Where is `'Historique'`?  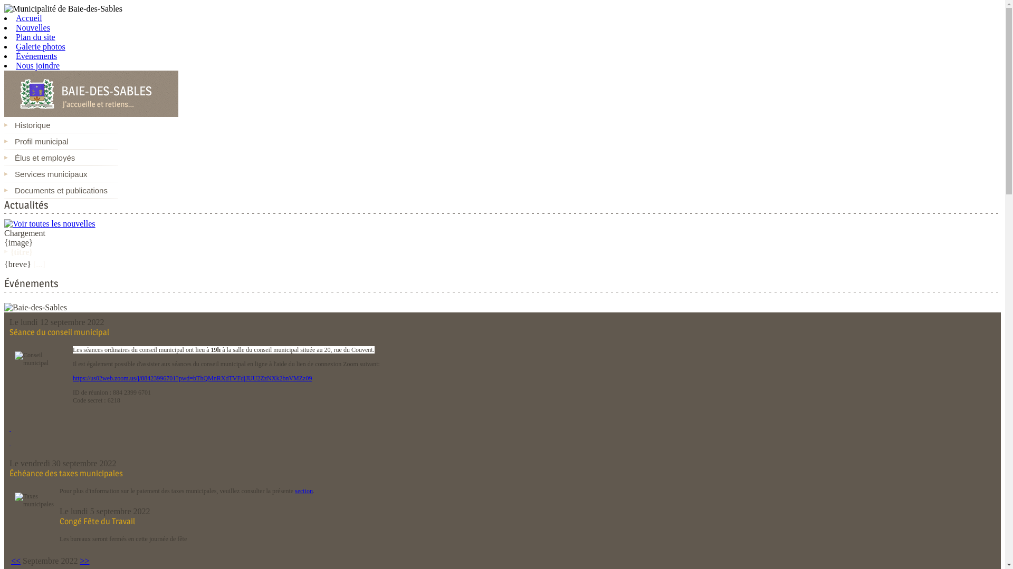
'Historique' is located at coordinates (60, 124).